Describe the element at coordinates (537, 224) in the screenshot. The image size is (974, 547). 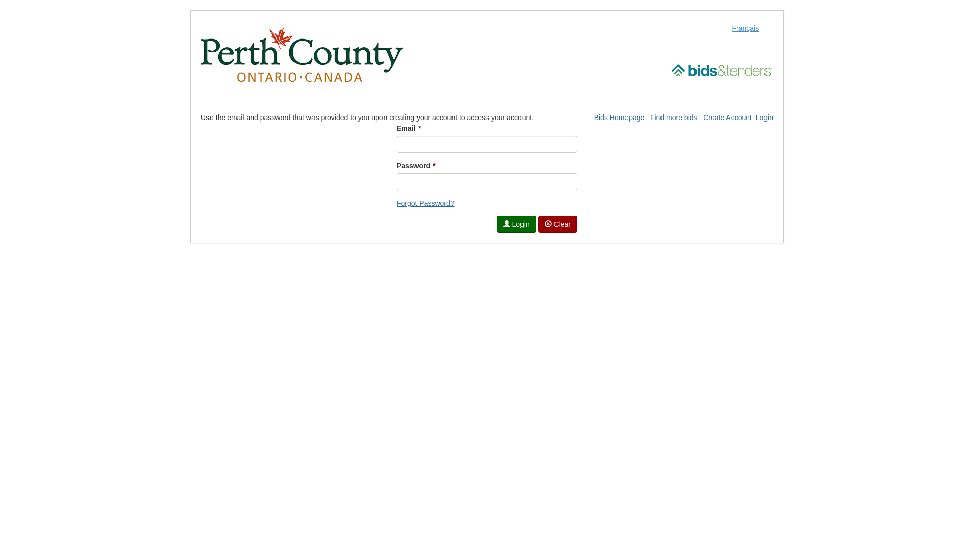
I see `' Clear'` at that location.